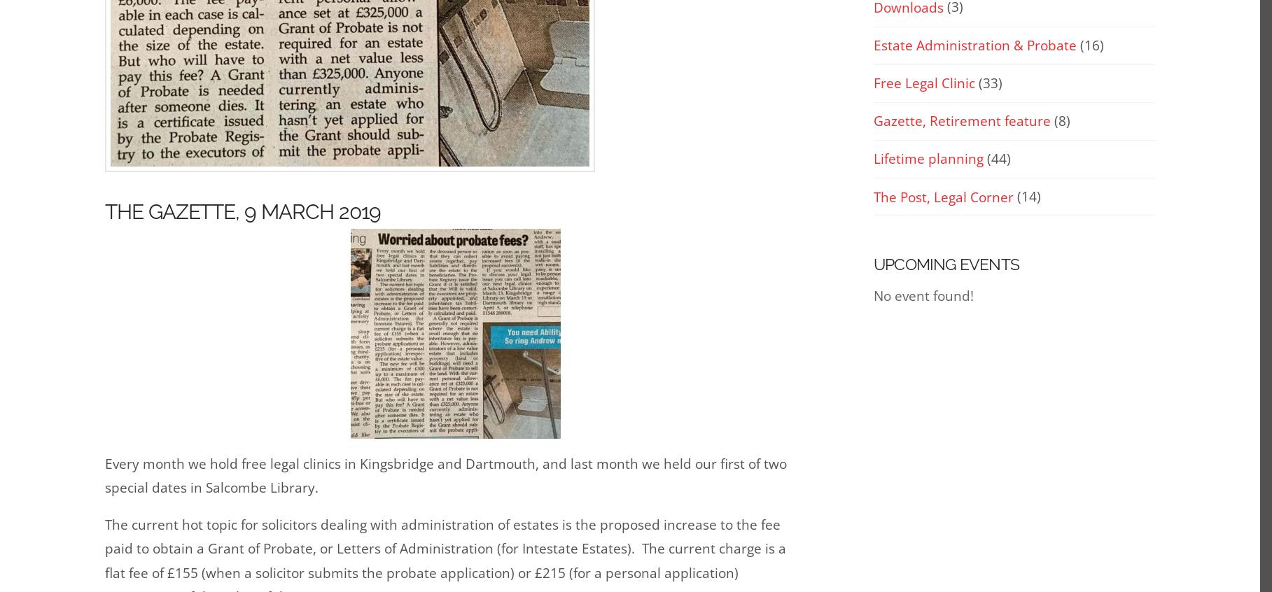 The height and width of the screenshot is (592, 1272). Describe the element at coordinates (928, 158) in the screenshot. I see `'Lifetime planning'` at that location.